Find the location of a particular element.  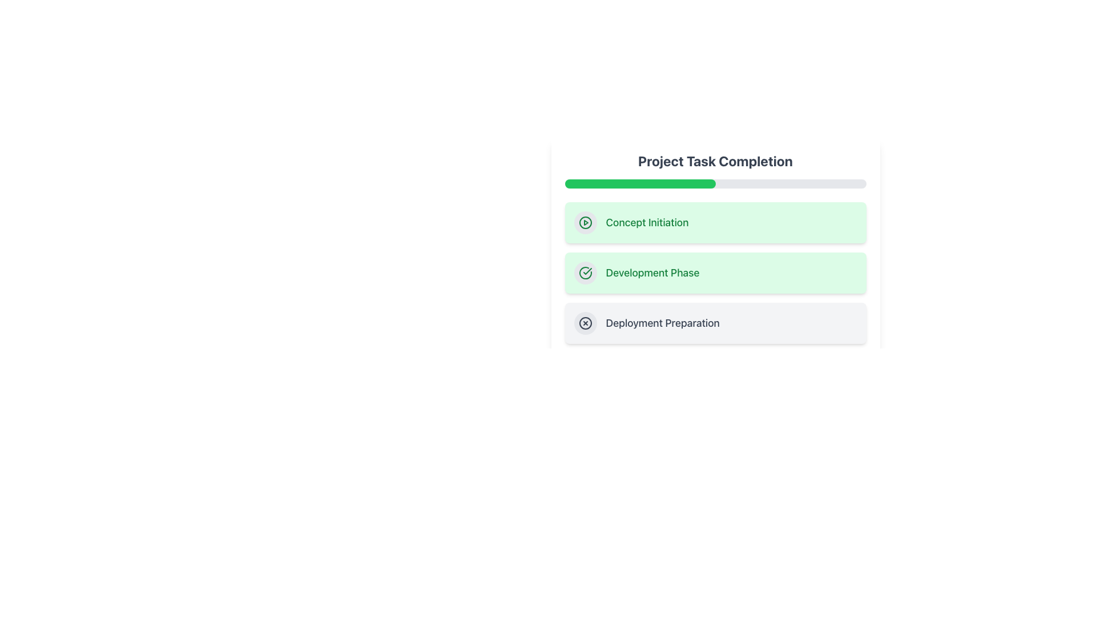

the Graphic element within the SVG component that indicates the status of the 'Deployment Preparation' step in the project task completion process is located at coordinates (585, 323).